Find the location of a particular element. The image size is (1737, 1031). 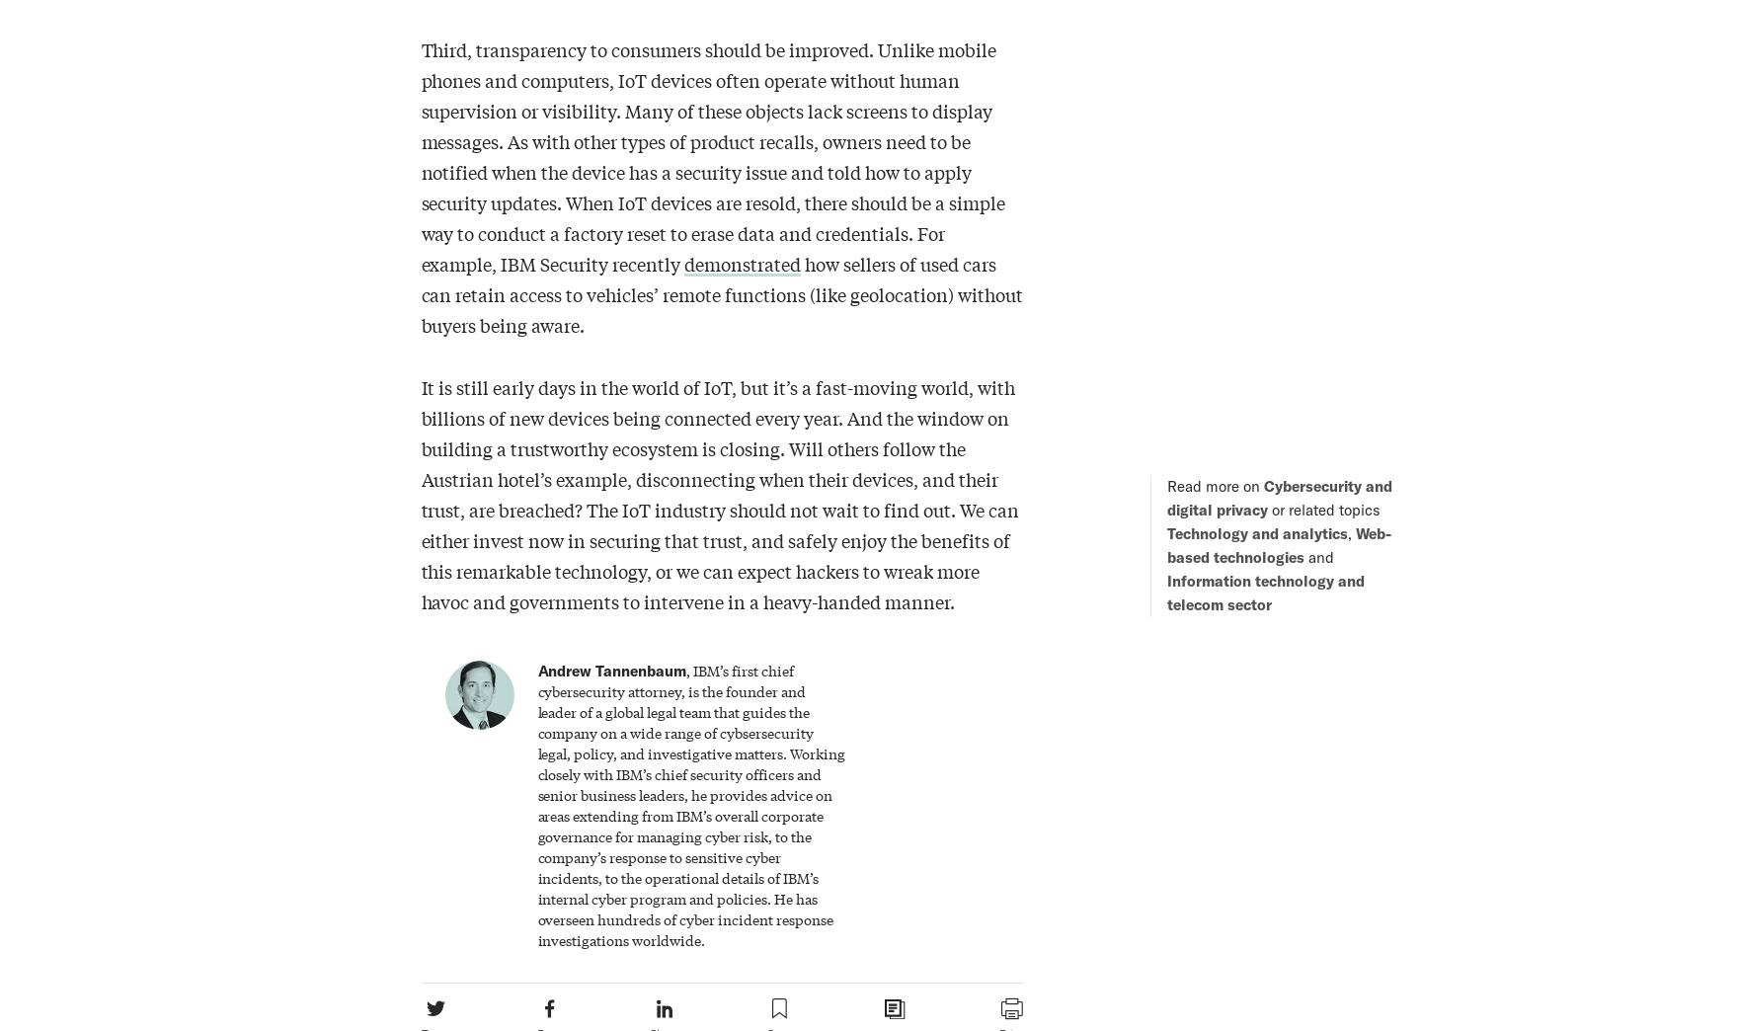

'Web-based technologies' is located at coordinates (1277, 543).